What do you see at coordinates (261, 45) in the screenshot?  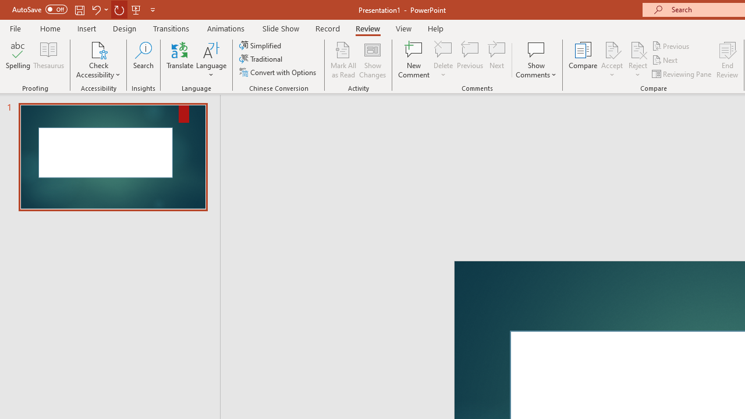 I see `'Simplified'` at bounding box center [261, 45].